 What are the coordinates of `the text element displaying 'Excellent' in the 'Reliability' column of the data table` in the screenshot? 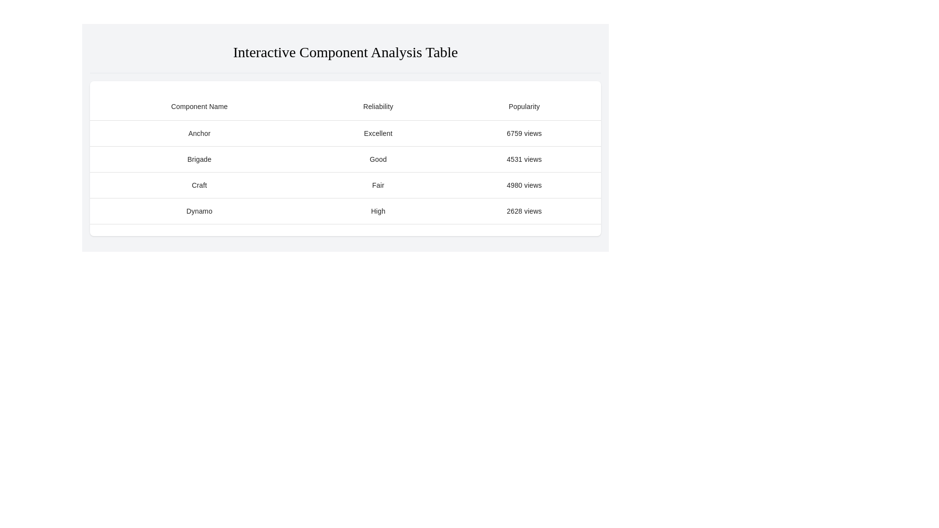 It's located at (378, 133).